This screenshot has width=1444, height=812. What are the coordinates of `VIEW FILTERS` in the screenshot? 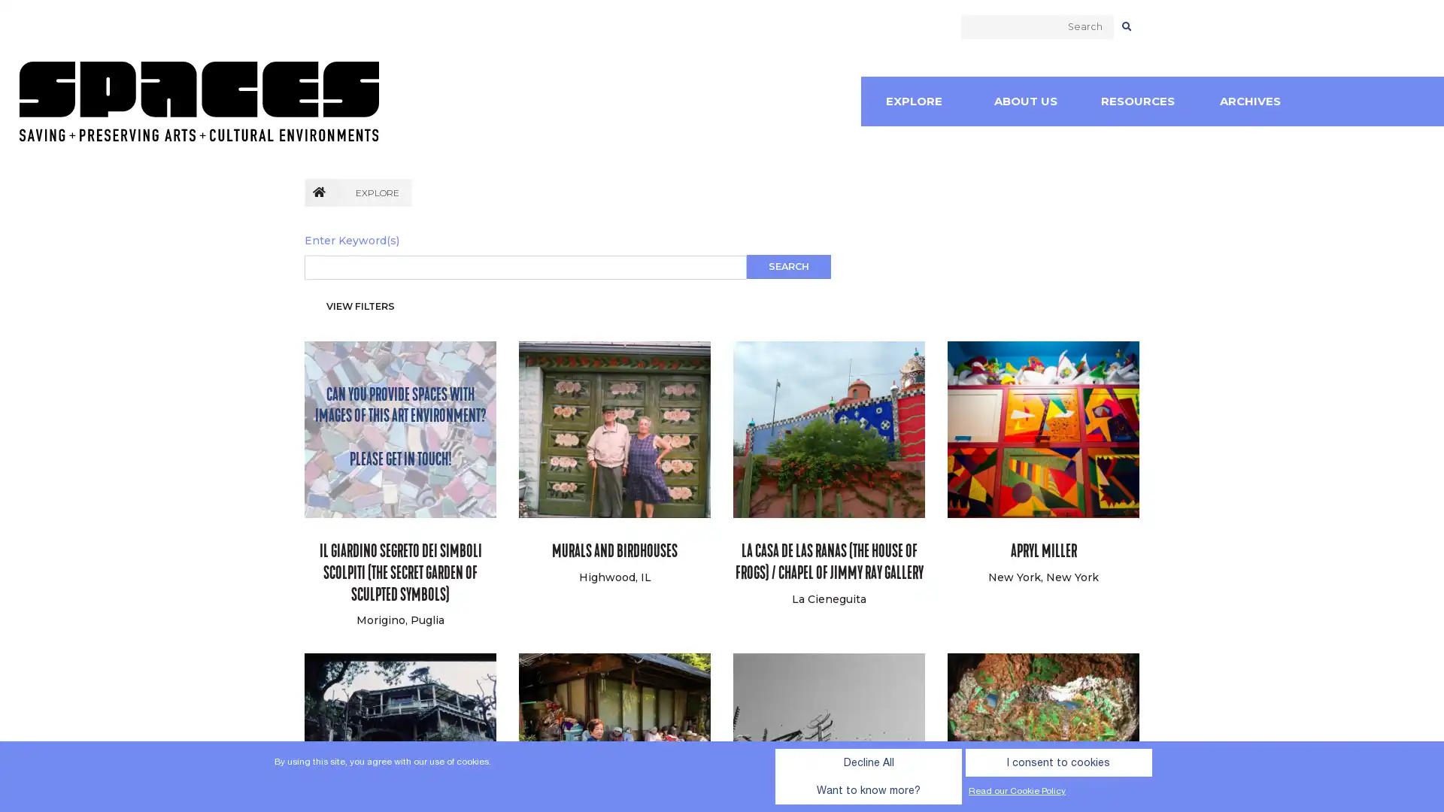 It's located at (359, 306).